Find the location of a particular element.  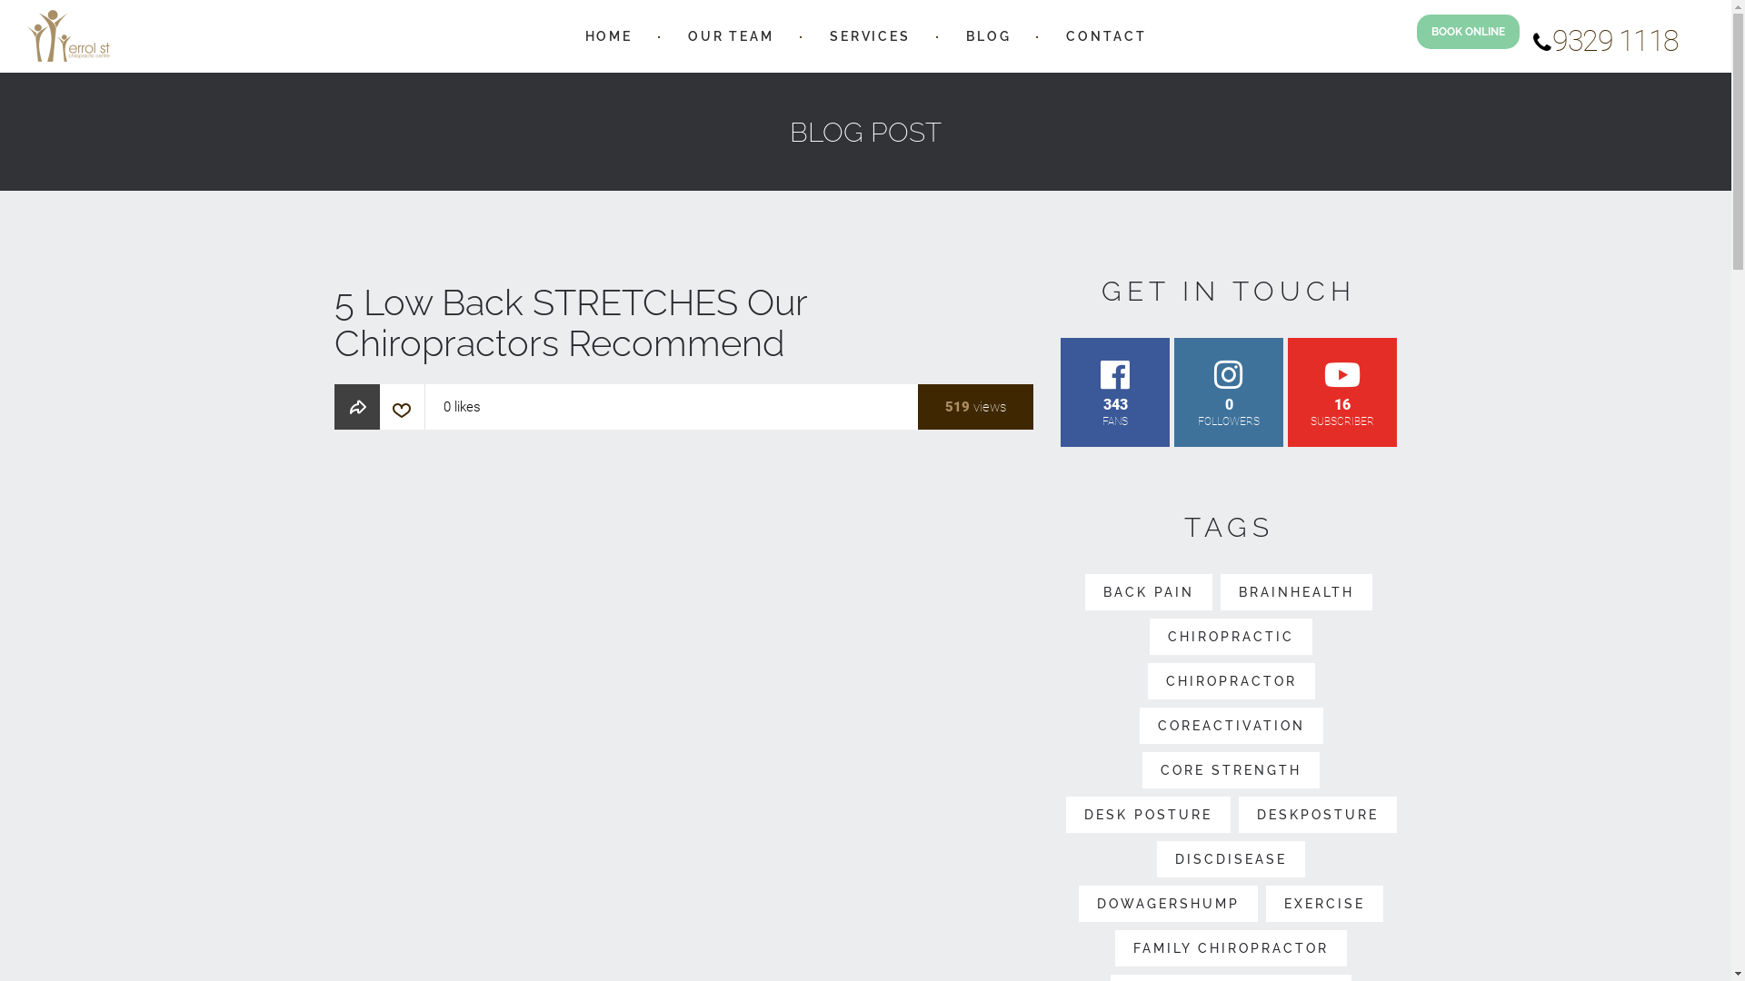

'CHIROPRACTIC' is located at coordinates (1231, 636).